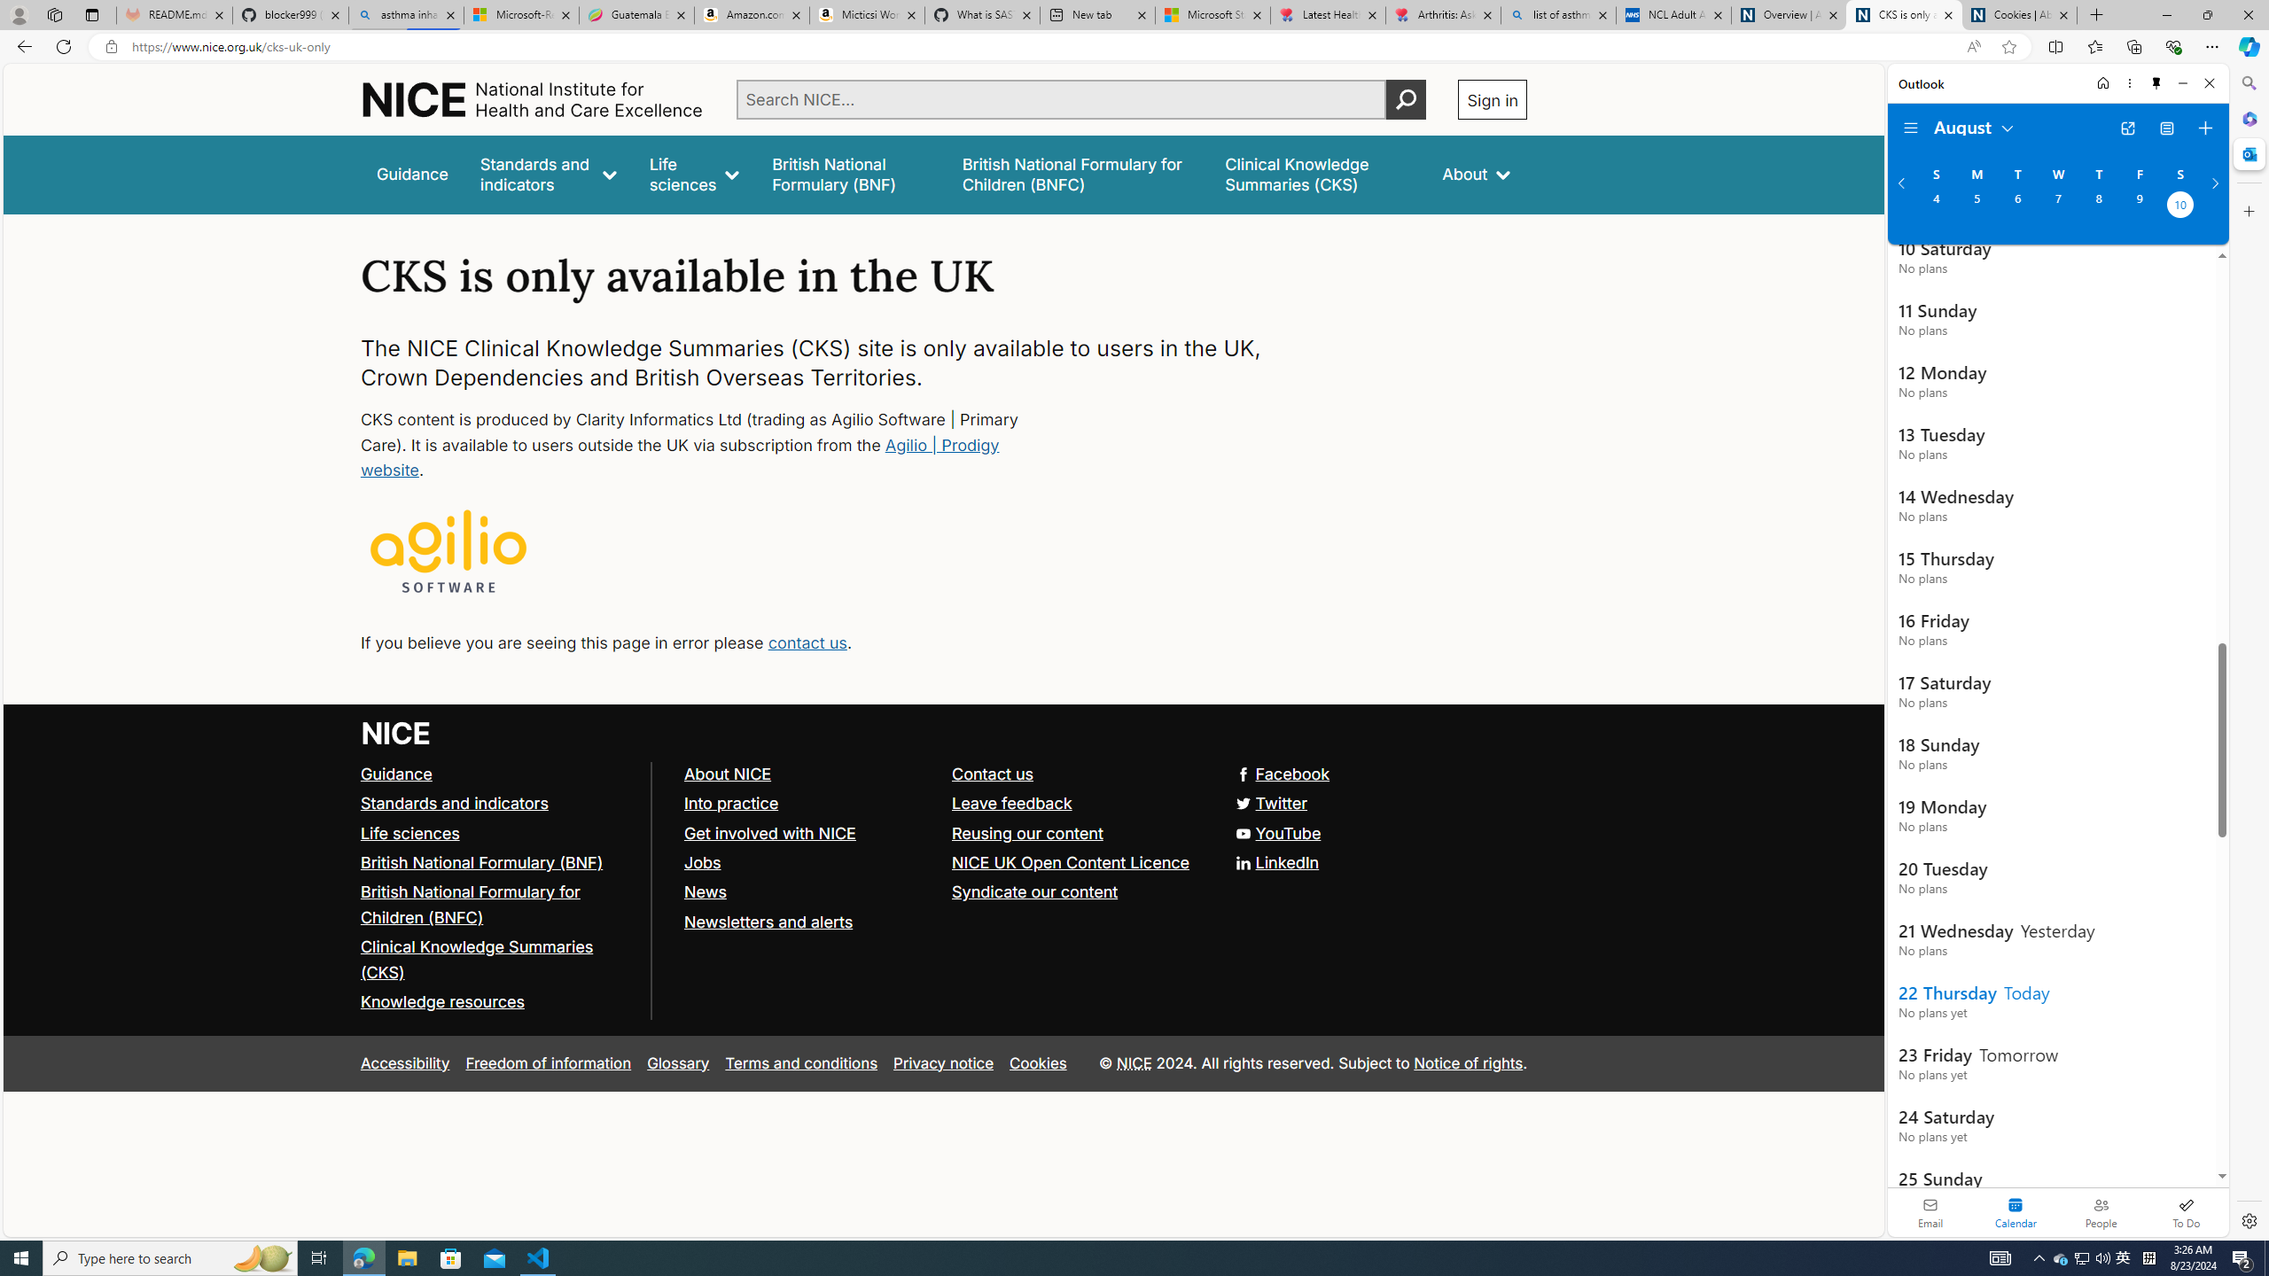 The image size is (2269, 1276). I want to click on 'Cookies | About | NICE', so click(2019, 14).